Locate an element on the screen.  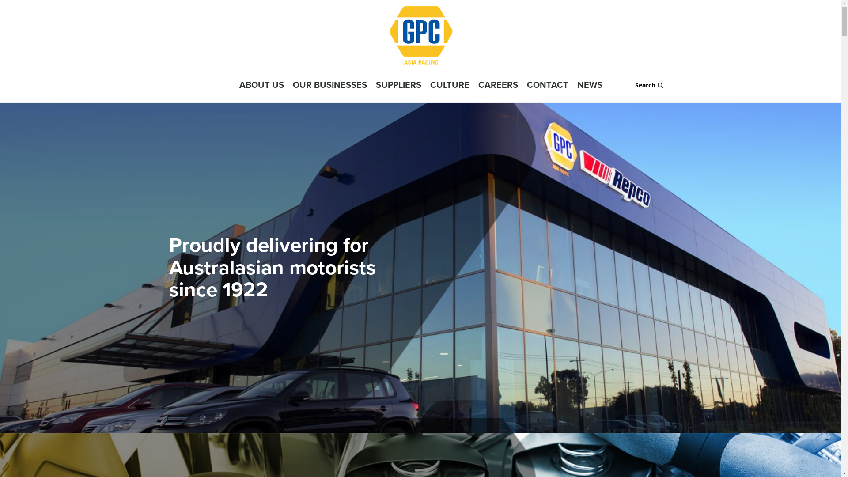
'NEWS' is located at coordinates (589, 86).